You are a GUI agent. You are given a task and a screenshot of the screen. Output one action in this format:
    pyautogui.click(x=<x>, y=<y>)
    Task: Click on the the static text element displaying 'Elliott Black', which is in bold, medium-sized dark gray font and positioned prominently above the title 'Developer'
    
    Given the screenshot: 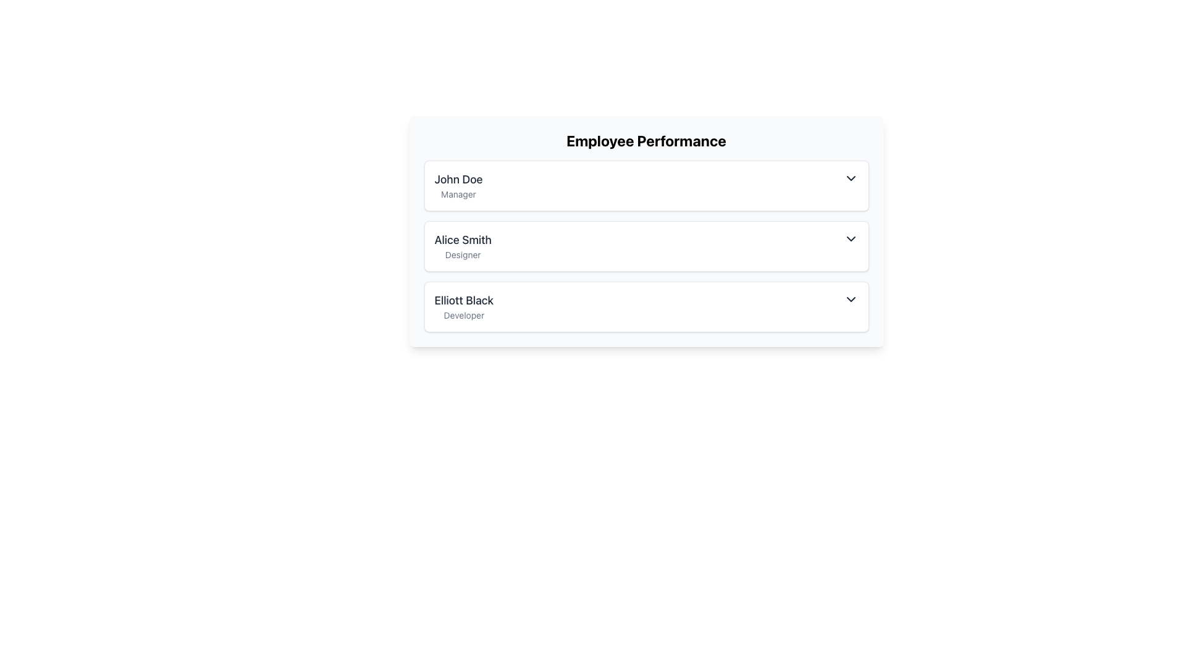 What is the action you would take?
    pyautogui.click(x=463, y=300)
    